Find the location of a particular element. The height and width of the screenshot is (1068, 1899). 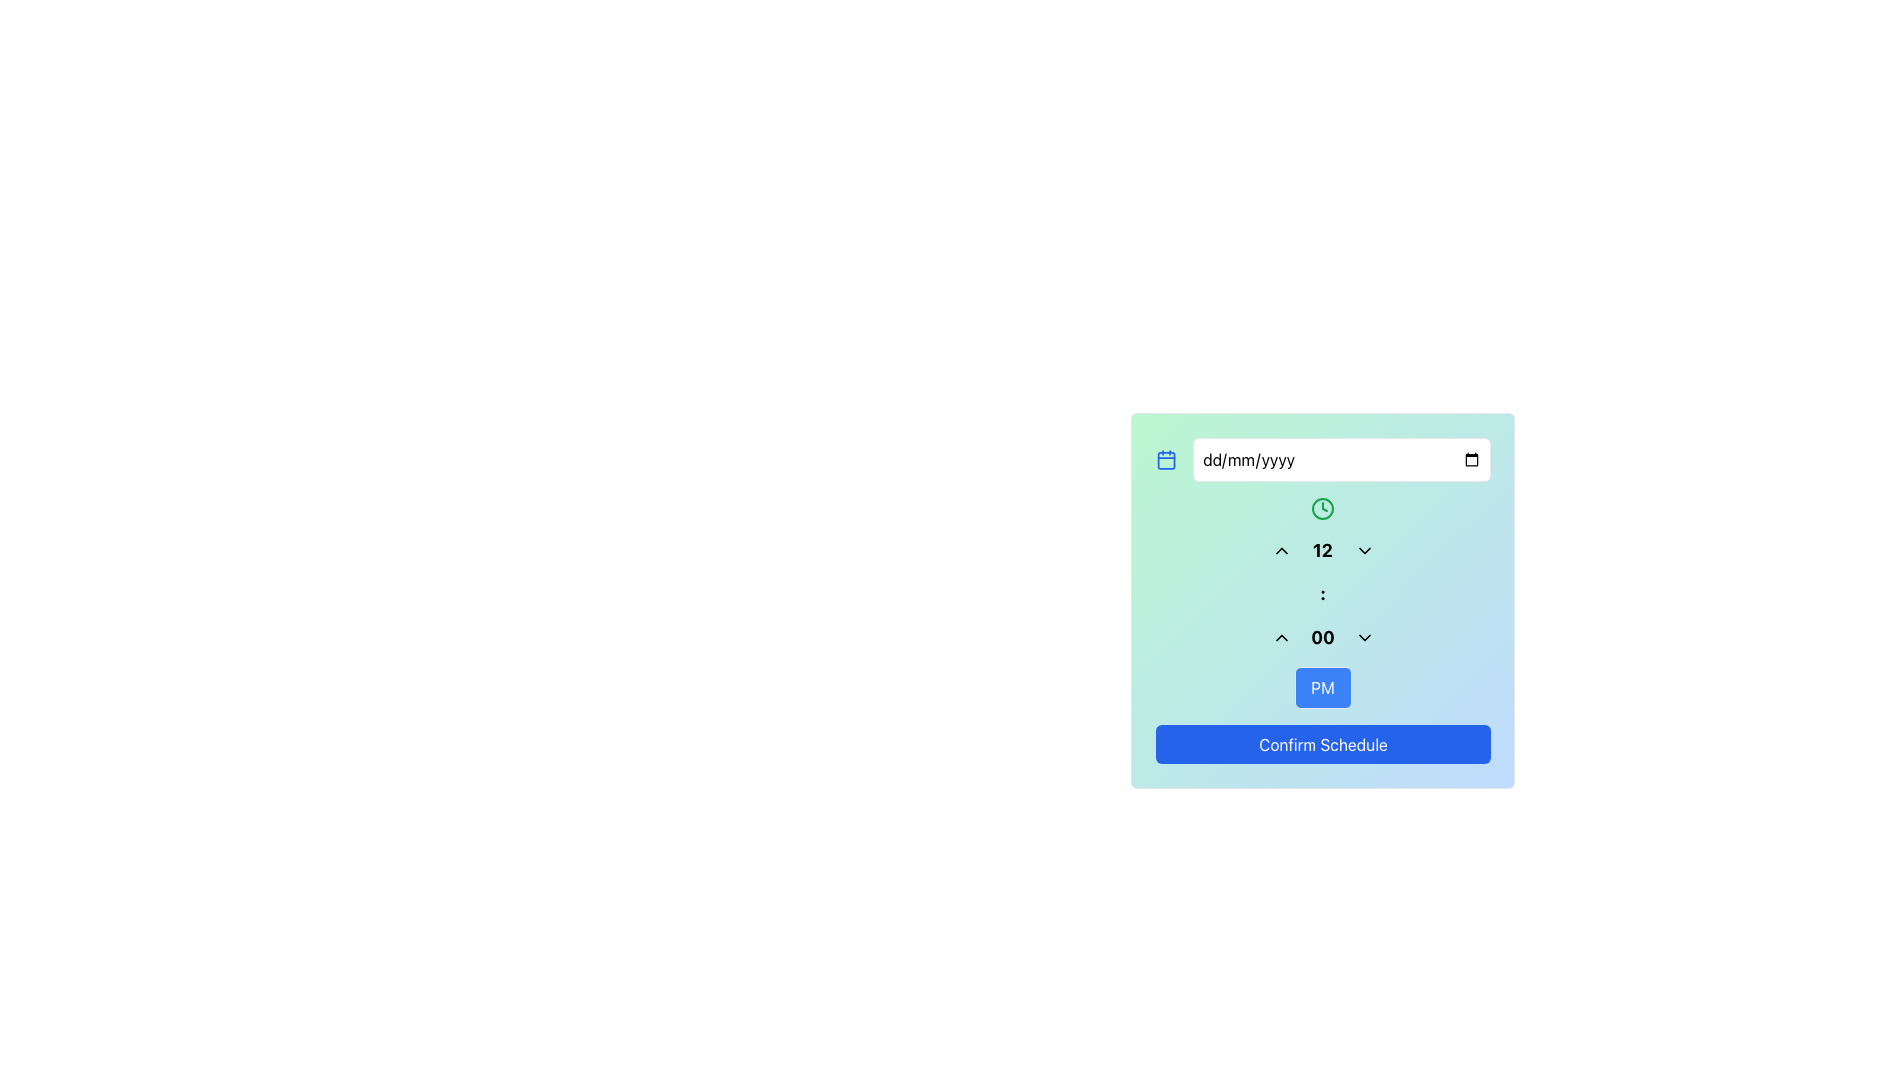

the green clock icon with a circular outline and clock hands is located at coordinates (1323, 508).